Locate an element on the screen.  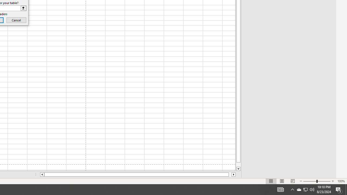
'Page right' is located at coordinates (230, 174).